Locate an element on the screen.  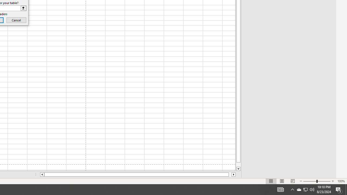
'Page right' is located at coordinates (230, 174).